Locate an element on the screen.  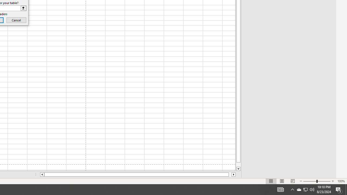
'Page right' is located at coordinates (230, 174).